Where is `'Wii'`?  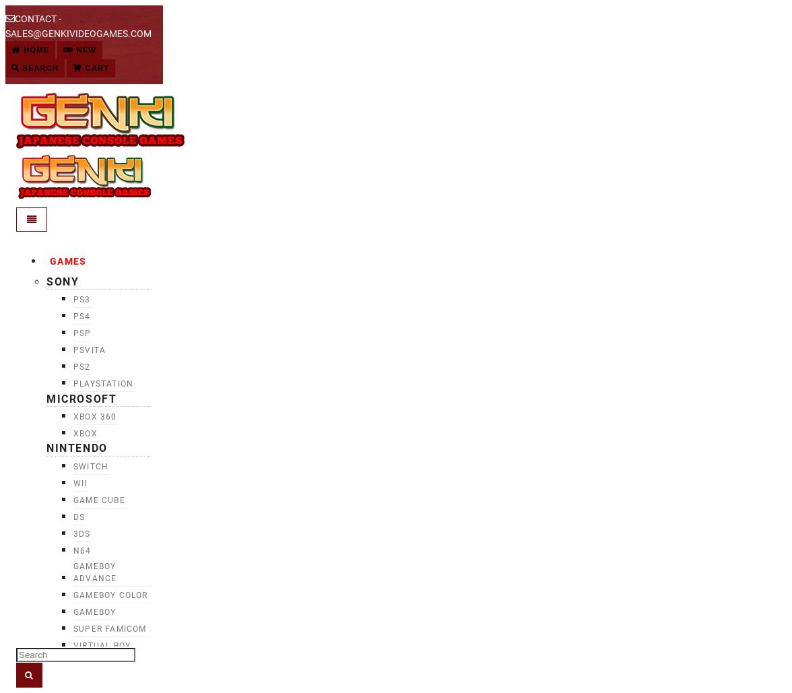 'Wii' is located at coordinates (80, 482).